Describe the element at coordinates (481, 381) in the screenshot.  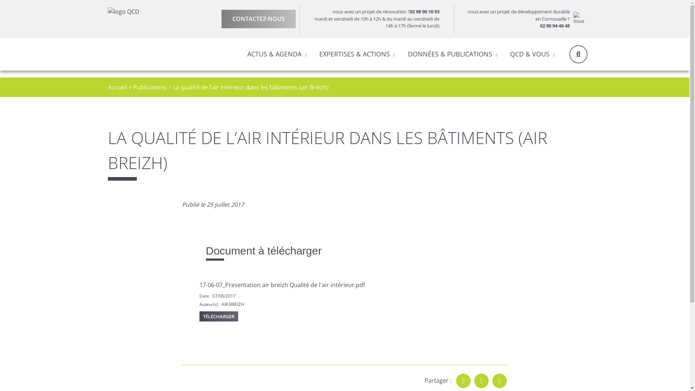
I see `'Twitter'` at that location.